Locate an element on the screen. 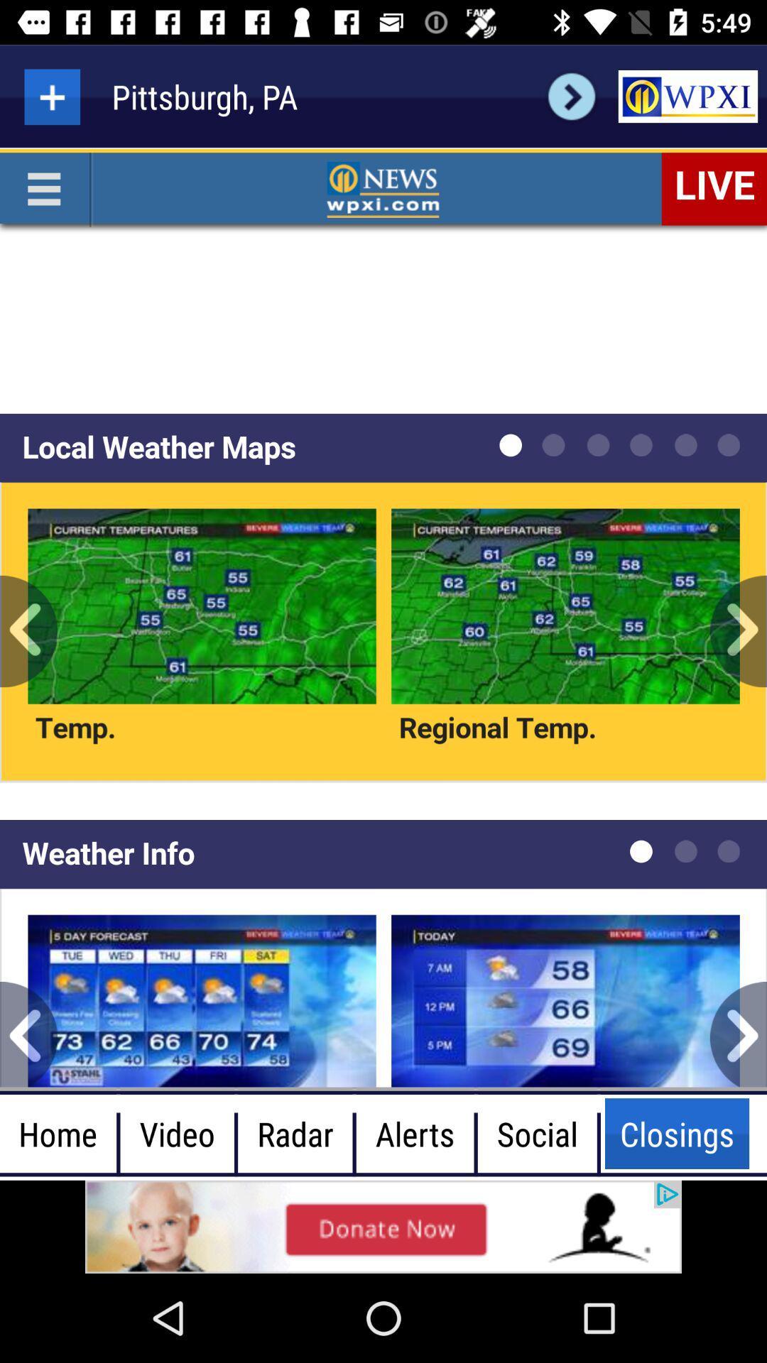  open advertisement is located at coordinates (687, 96).